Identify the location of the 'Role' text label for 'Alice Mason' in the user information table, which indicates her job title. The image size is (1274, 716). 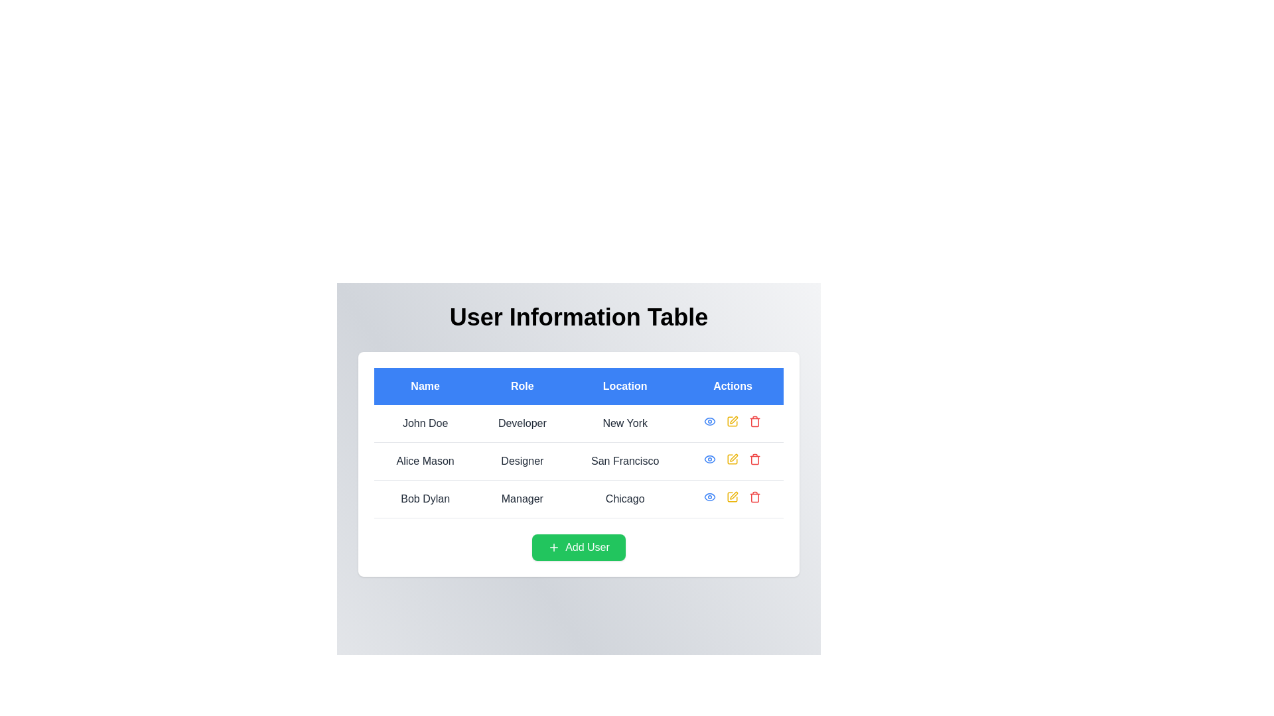
(522, 460).